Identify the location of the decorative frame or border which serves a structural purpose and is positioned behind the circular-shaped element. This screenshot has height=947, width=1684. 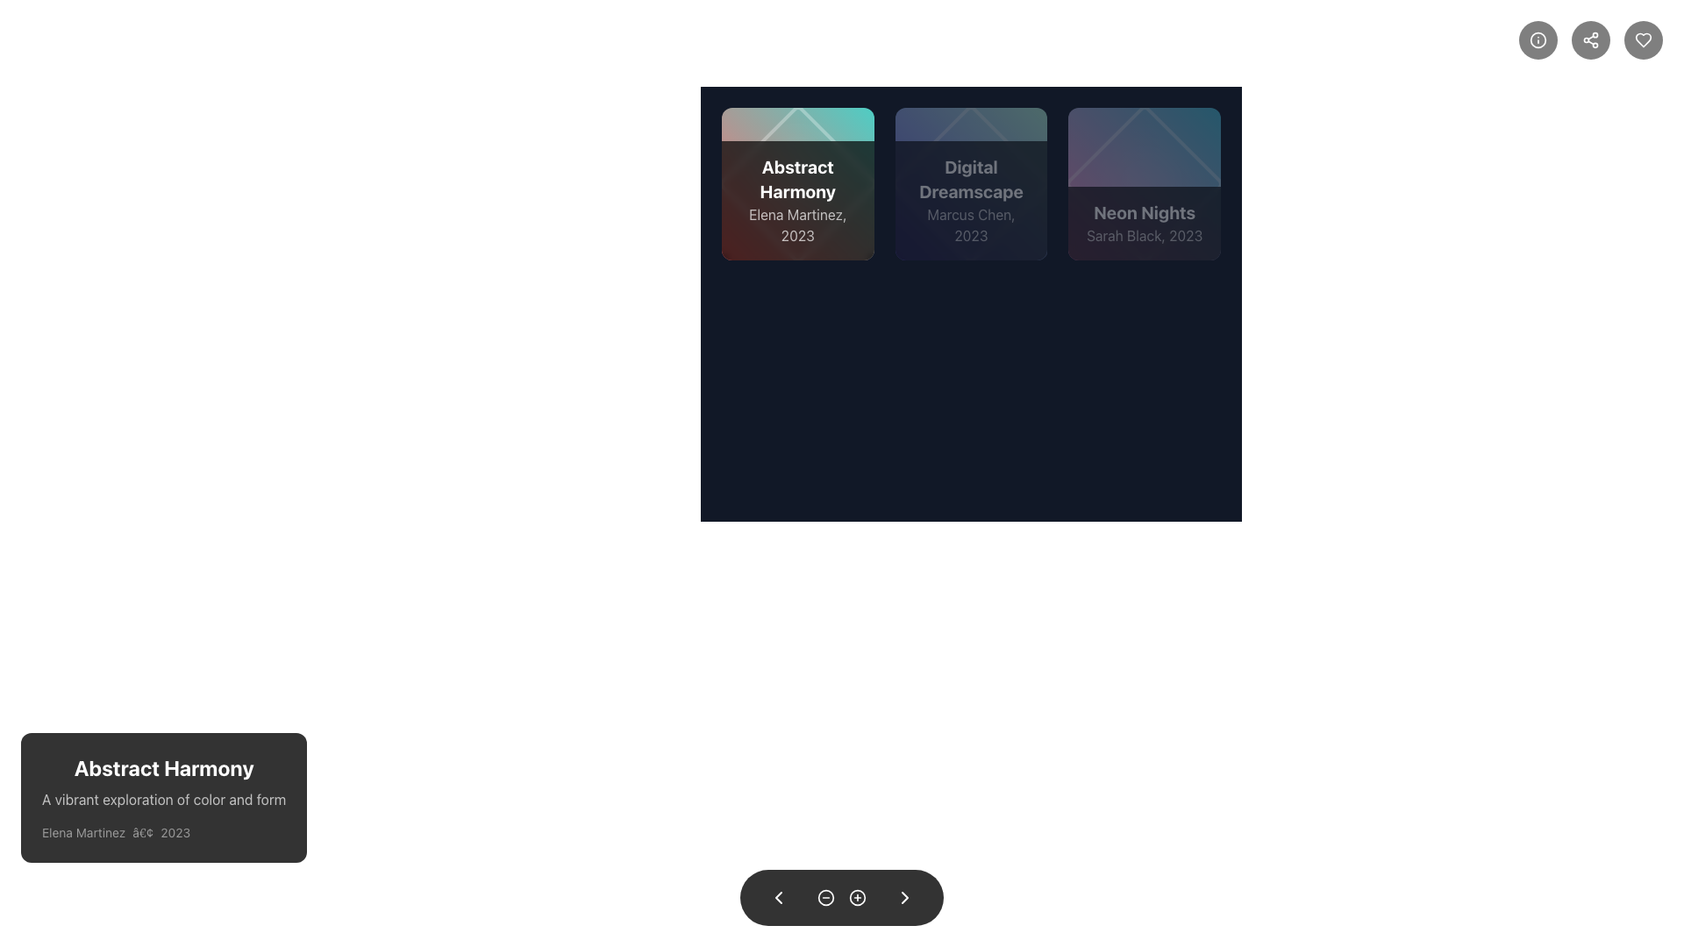
(796, 183).